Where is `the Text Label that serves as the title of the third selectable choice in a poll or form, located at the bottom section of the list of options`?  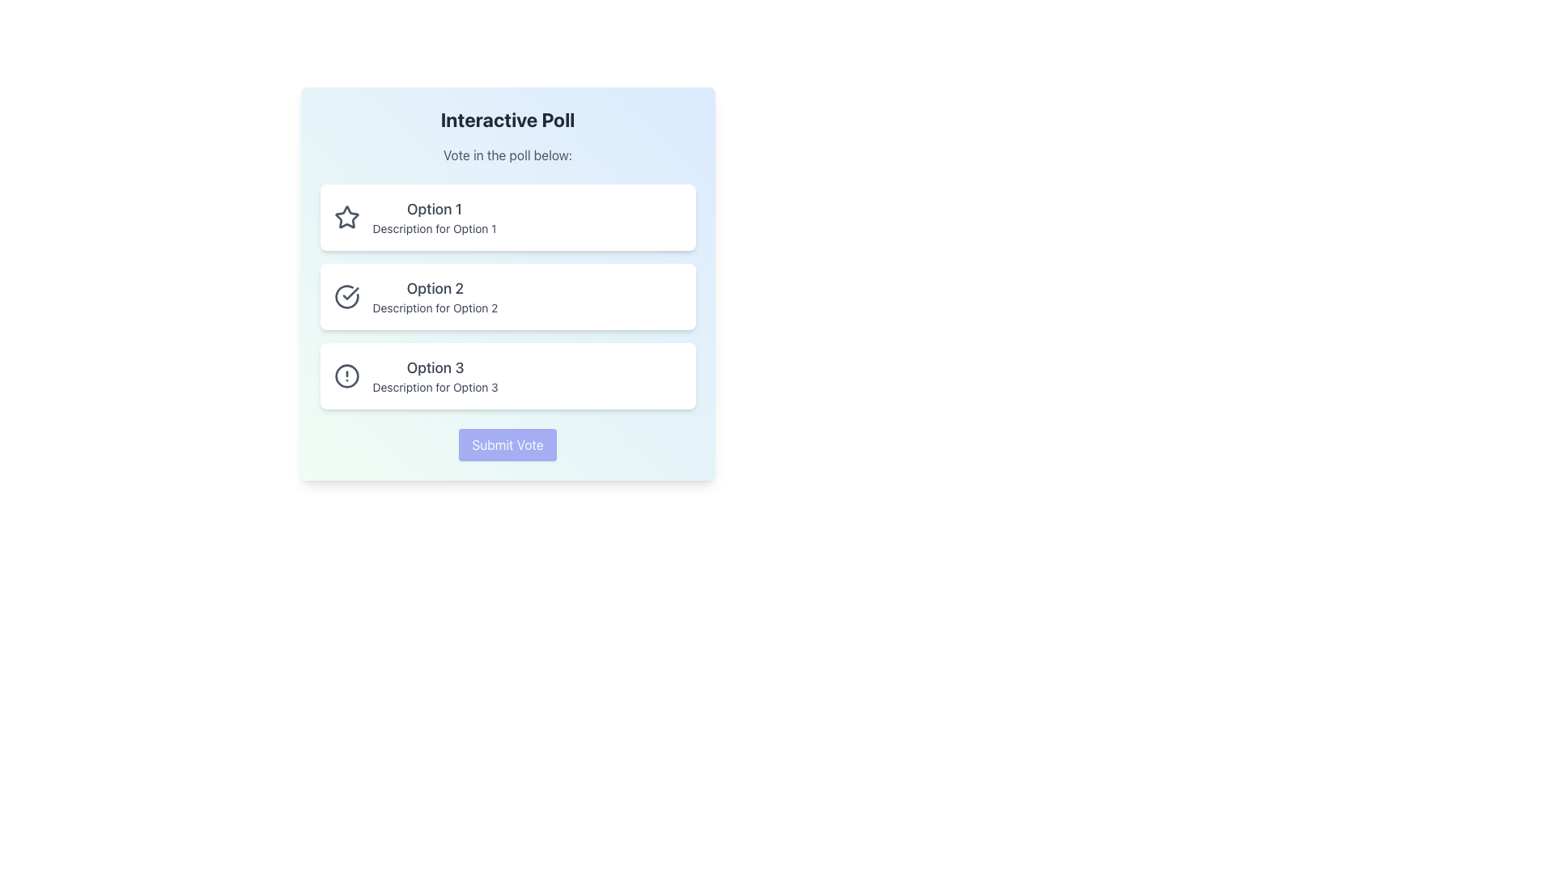 the Text Label that serves as the title of the third selectable choice in a poll or form, located at the bottom section of the list of options is located at coordinates (435, 368).